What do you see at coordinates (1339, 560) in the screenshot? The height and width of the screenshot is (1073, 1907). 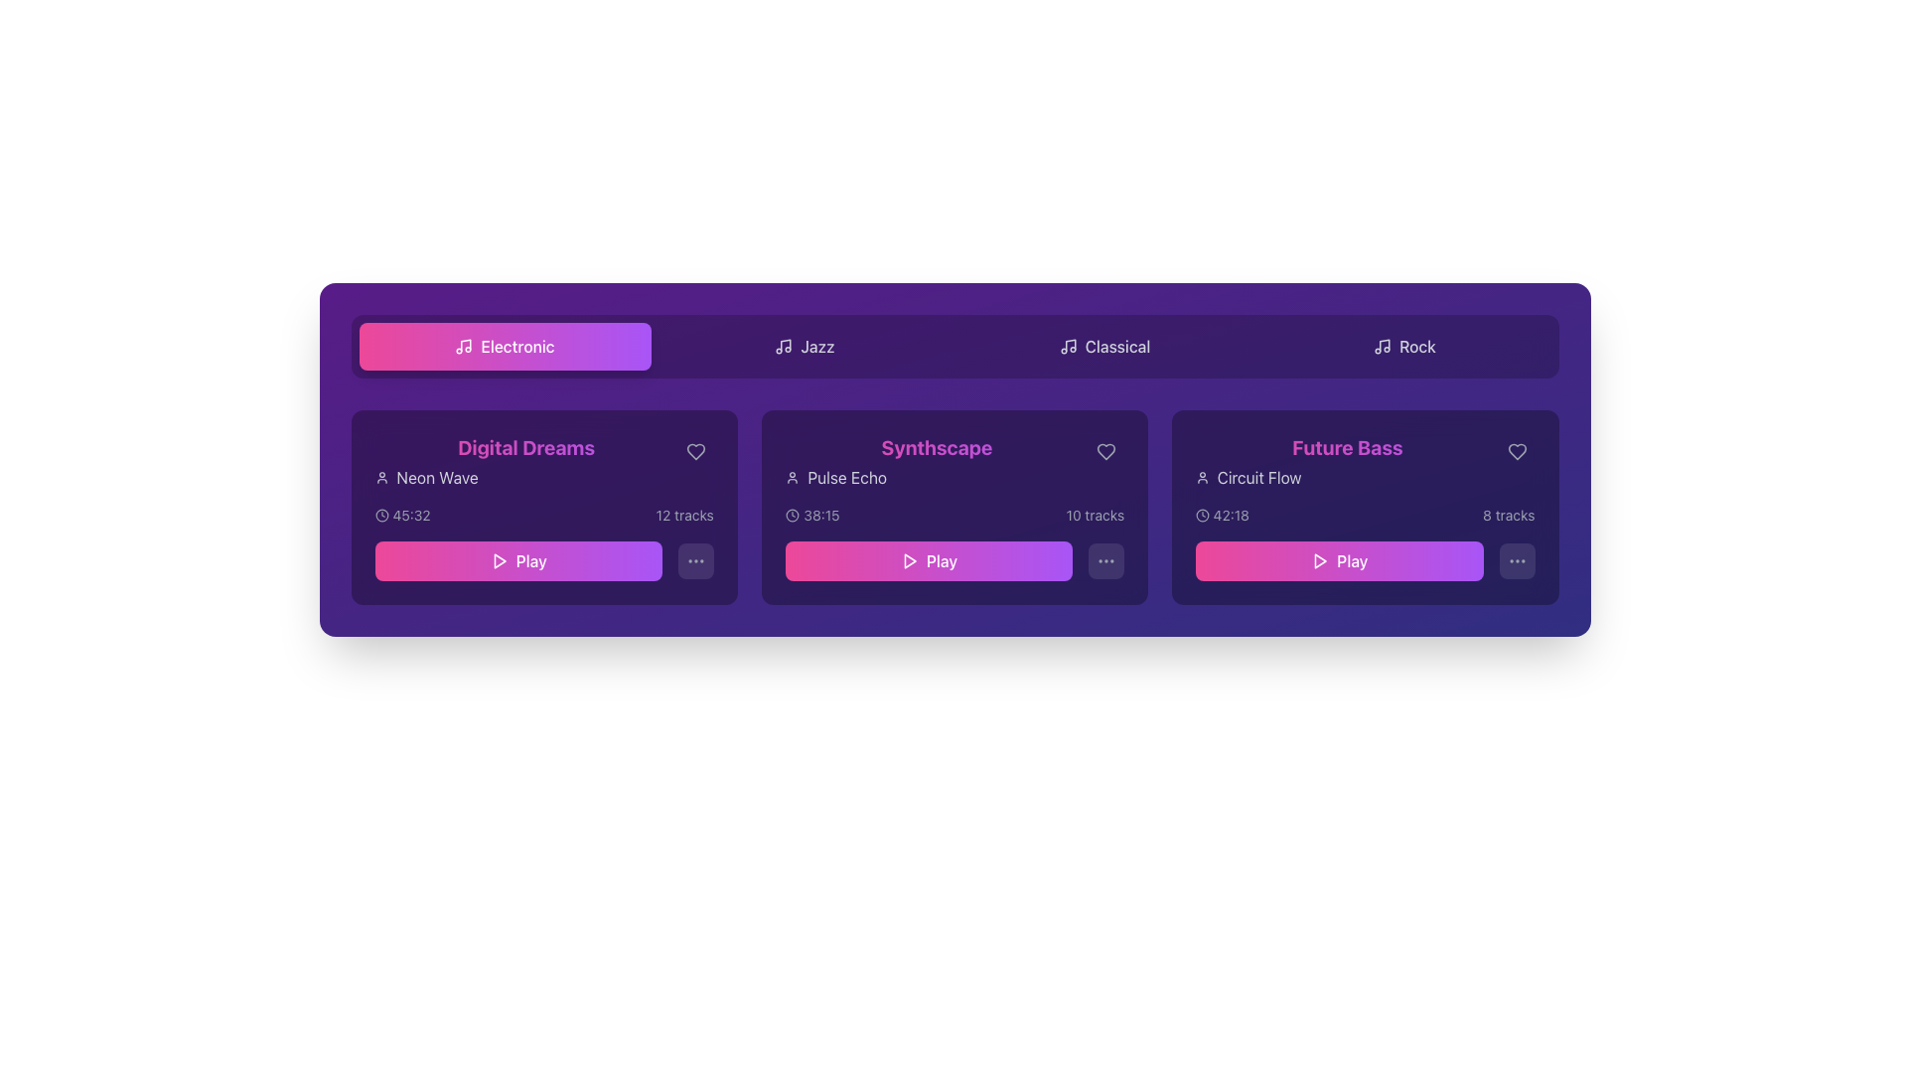 I see `the playback button located at the bottom-center of the 'Future Bass' card` at bounding box center [1339, 560].